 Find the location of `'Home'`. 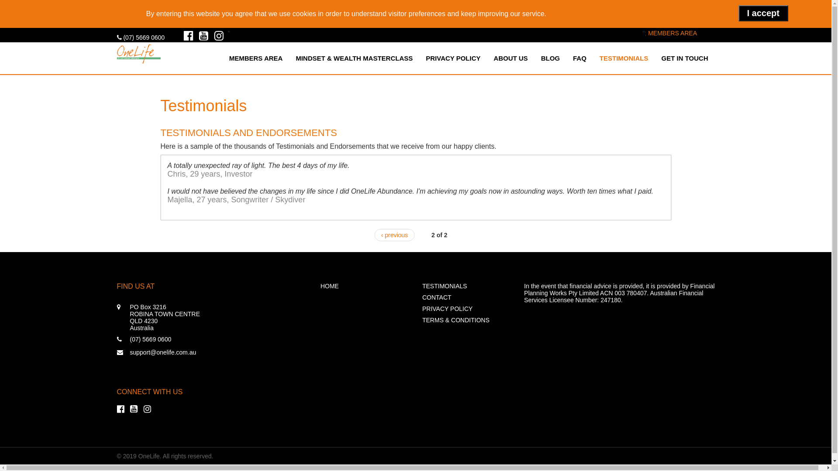

'Home' is located at coordinates (138, 52).